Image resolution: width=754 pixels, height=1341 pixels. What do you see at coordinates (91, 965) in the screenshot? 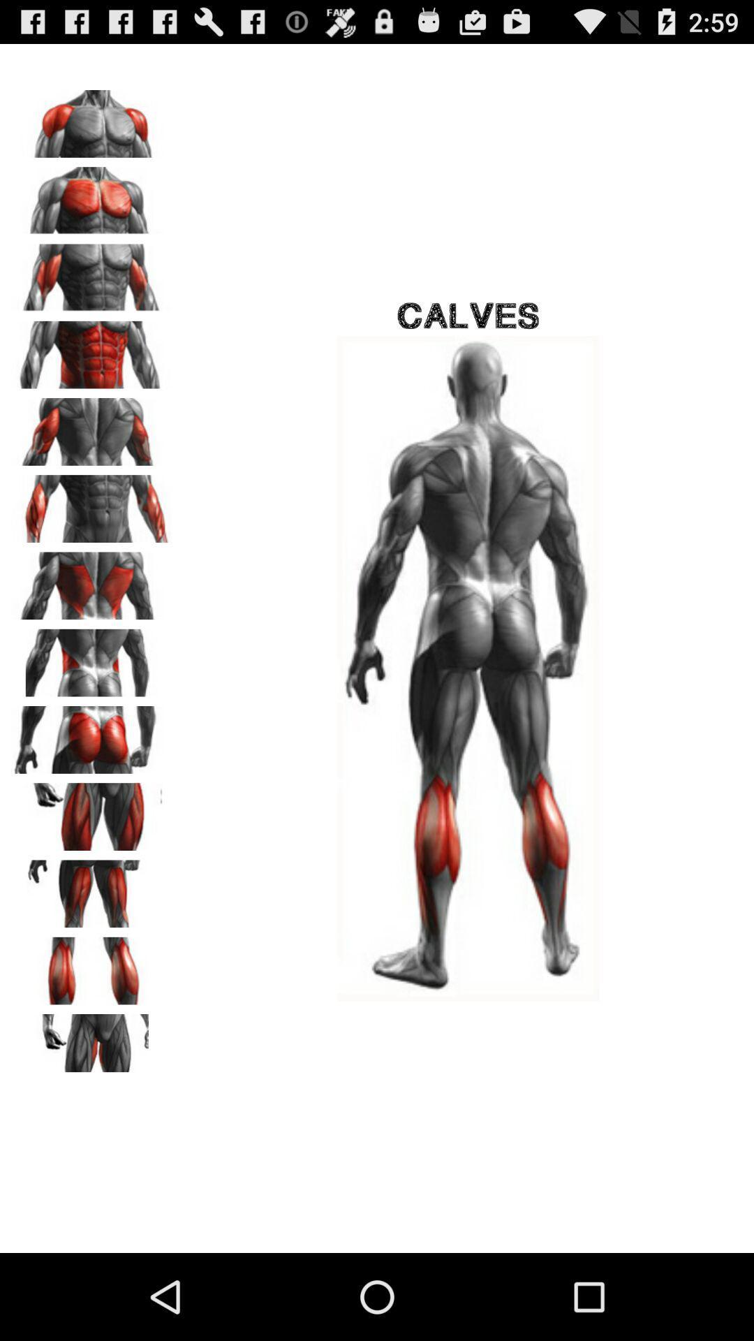
I see `calves of body` at bounding box center [91, 965].